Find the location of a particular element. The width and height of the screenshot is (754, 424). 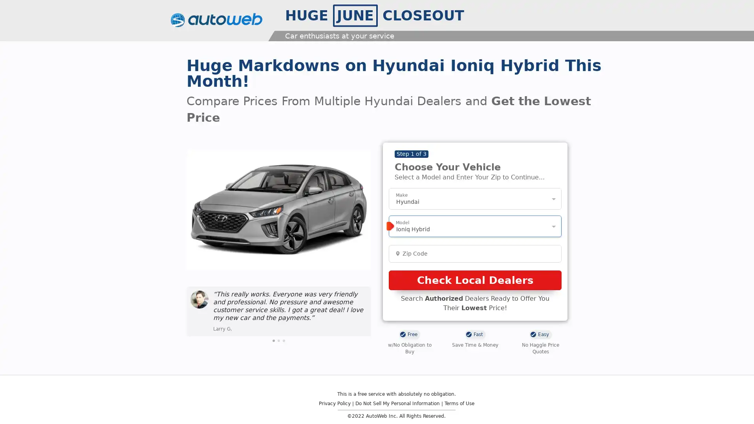

Check Local Dealers is located at coordinates (474, 280).